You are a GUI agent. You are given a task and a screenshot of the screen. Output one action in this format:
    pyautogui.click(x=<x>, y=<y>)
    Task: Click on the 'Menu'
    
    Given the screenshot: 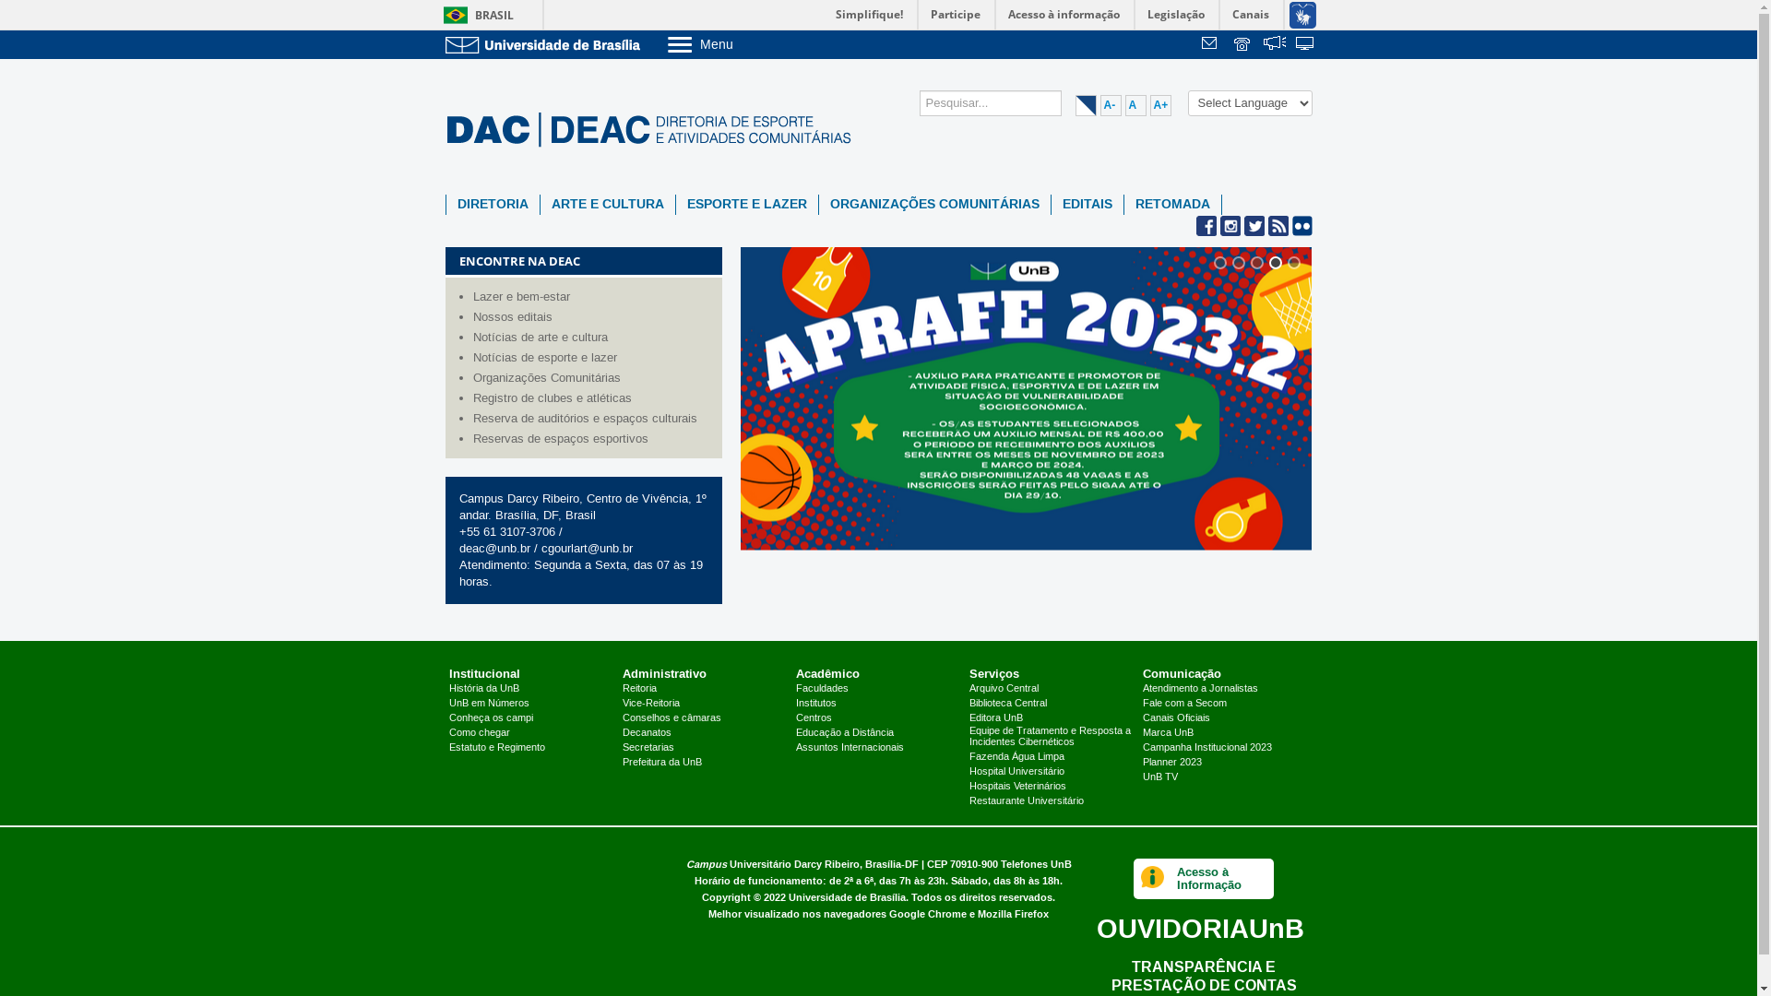 What is the action you would take?
    pyautogui.click(x=664, y=42)
    